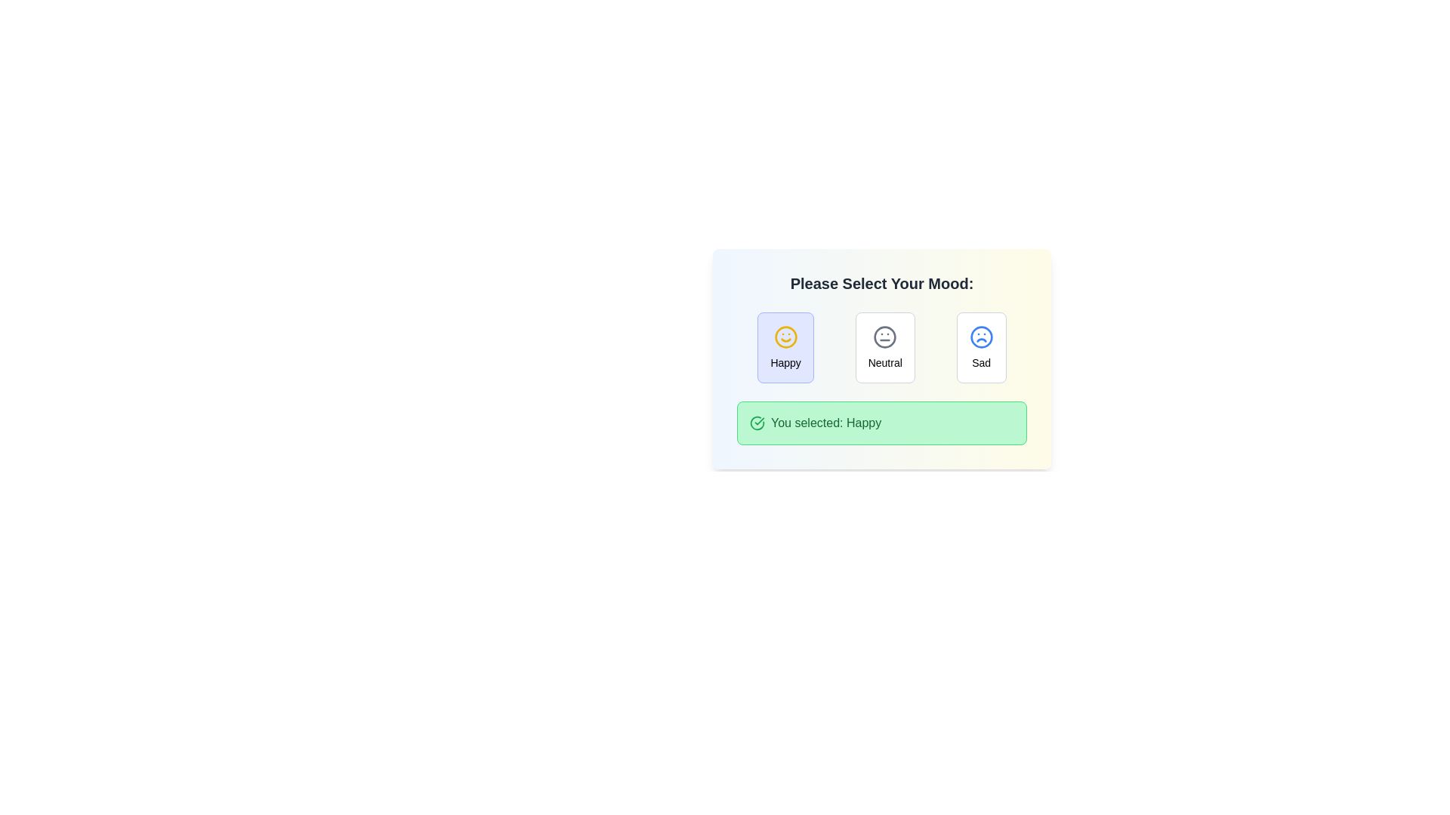 The height and width of the screenshot is (815, 1450). Describe the element at coordinates (981, 348) in the screenshot. I see `the third mood-selection button which is a round blue icon of a frowning face labeled 'Sad' beneath the title 'Please Select Your Mood:'` at that location.